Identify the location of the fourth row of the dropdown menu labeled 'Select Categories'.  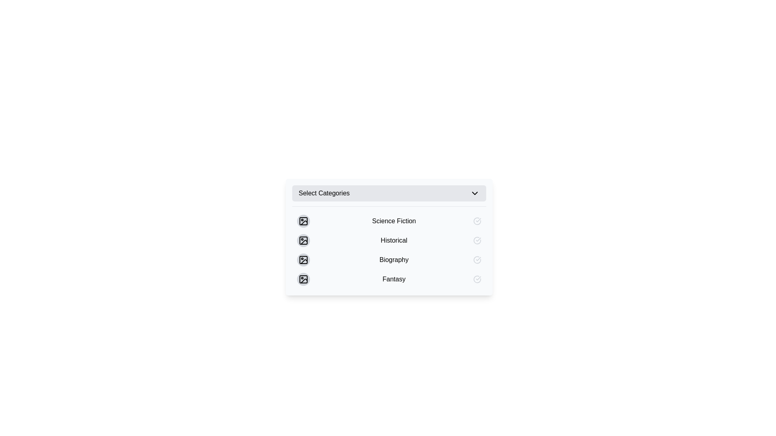
(389, 279).